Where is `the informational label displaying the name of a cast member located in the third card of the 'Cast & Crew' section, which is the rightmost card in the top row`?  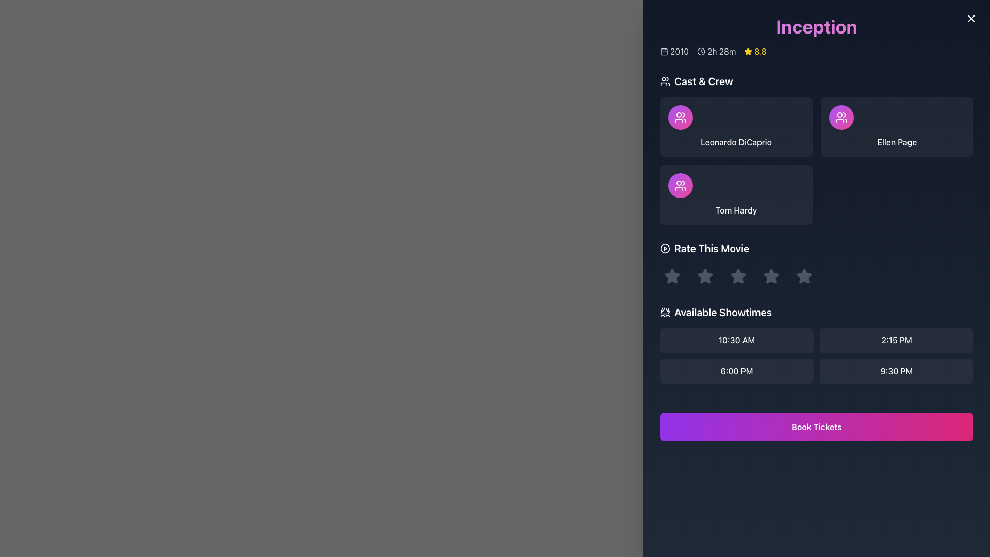
the informational label displaying the name of a cast member located in the third card of the 'Cast & Crew' section, which is the rightmost card in the top row is located at coordinates (896, 142).